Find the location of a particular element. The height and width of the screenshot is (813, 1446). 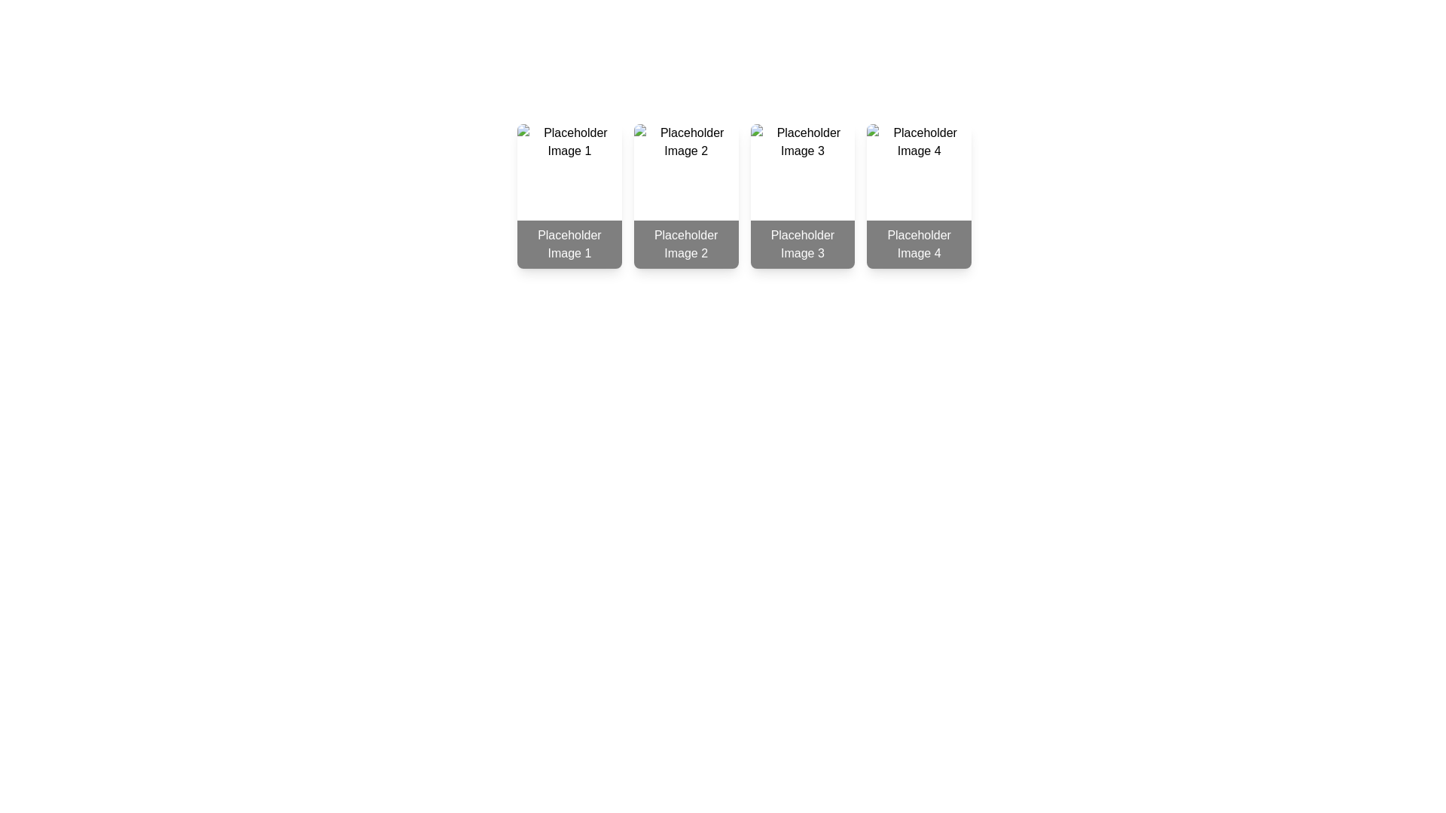

text of the informational label titled 'Placeholder Image 2', located at the bottom of the second card from the left in a row of four cards, spanning the full width beneath an image placeholder is located at coordinates (685, 243).